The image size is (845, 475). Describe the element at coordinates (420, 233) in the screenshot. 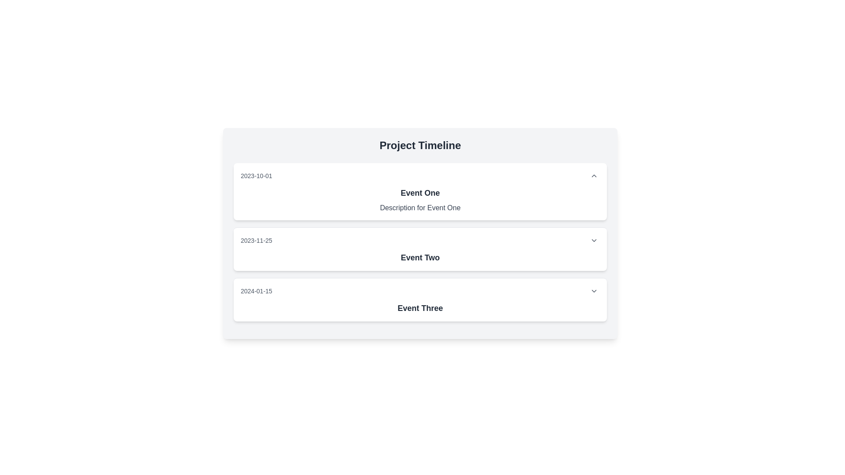

I see `the second list item in the Project Timeline component to interact with the event` at that location.